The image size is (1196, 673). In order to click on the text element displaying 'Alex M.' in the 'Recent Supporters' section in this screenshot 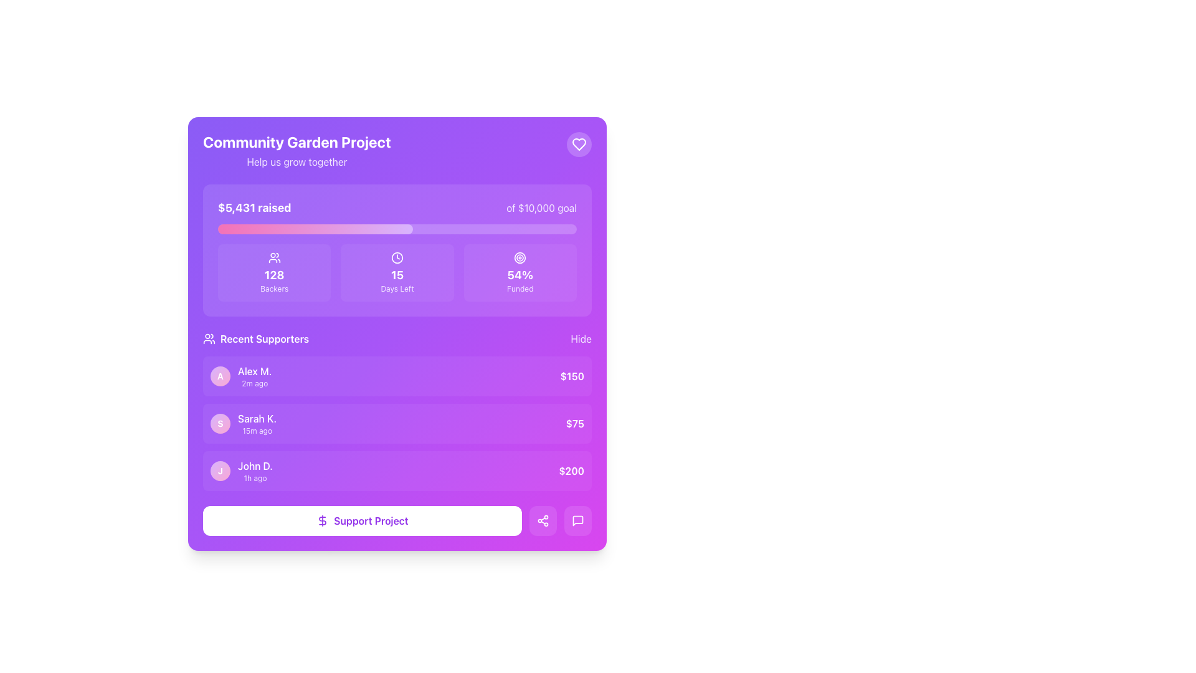, I will do `click(254, 376)`.